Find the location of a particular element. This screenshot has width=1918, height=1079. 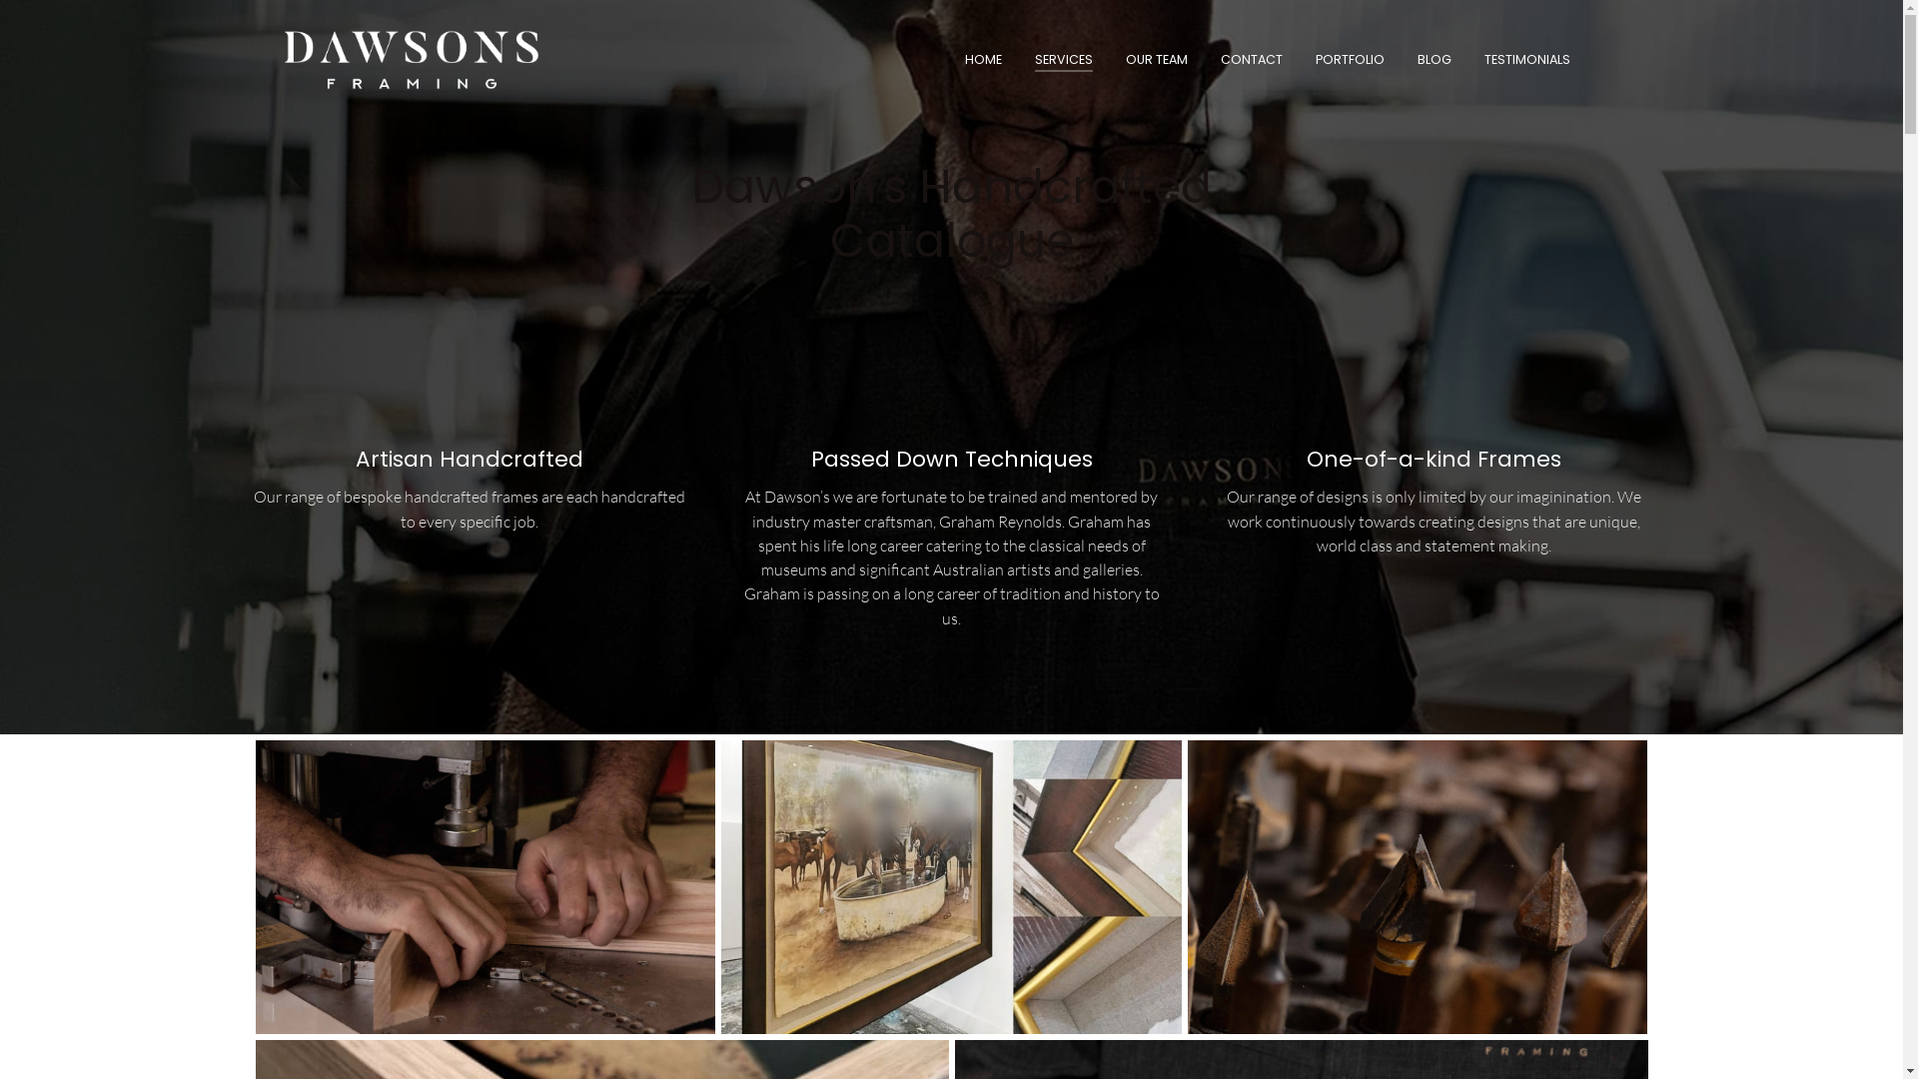

'BLOG' is located at coordinates (1426, 59).